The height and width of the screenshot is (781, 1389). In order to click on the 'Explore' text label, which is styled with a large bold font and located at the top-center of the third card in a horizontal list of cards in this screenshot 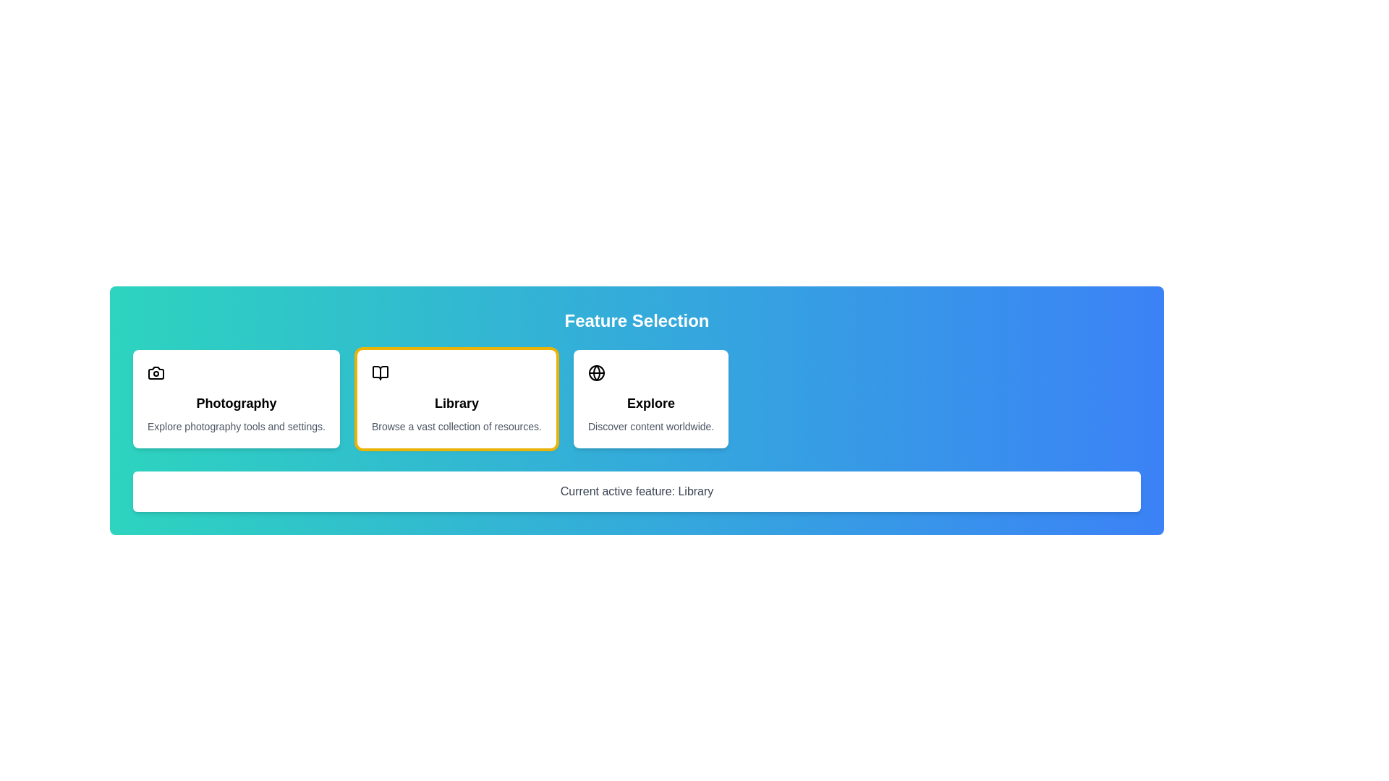, I will do `click(650, 404)`.